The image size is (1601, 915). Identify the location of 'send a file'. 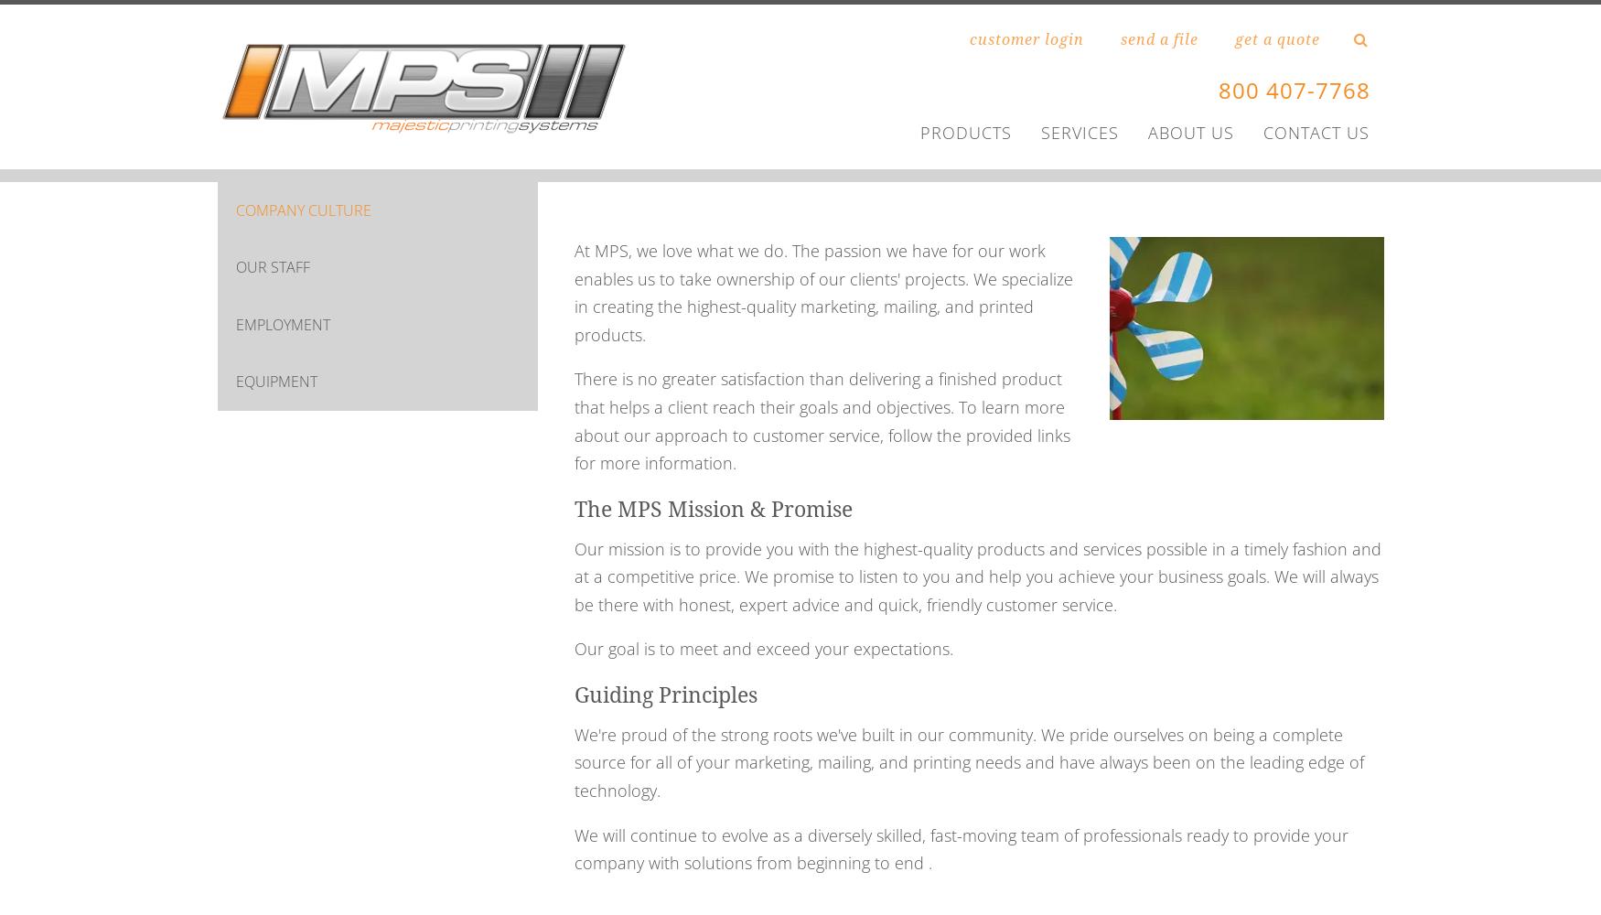
(1157, 39).